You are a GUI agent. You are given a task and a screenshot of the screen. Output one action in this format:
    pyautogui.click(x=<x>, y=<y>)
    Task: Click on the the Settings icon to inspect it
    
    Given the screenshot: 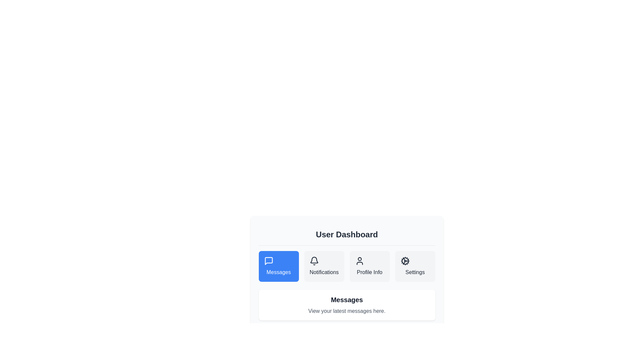 What is the action you would take?
    pyautogui.click(x=405, y=260)
    